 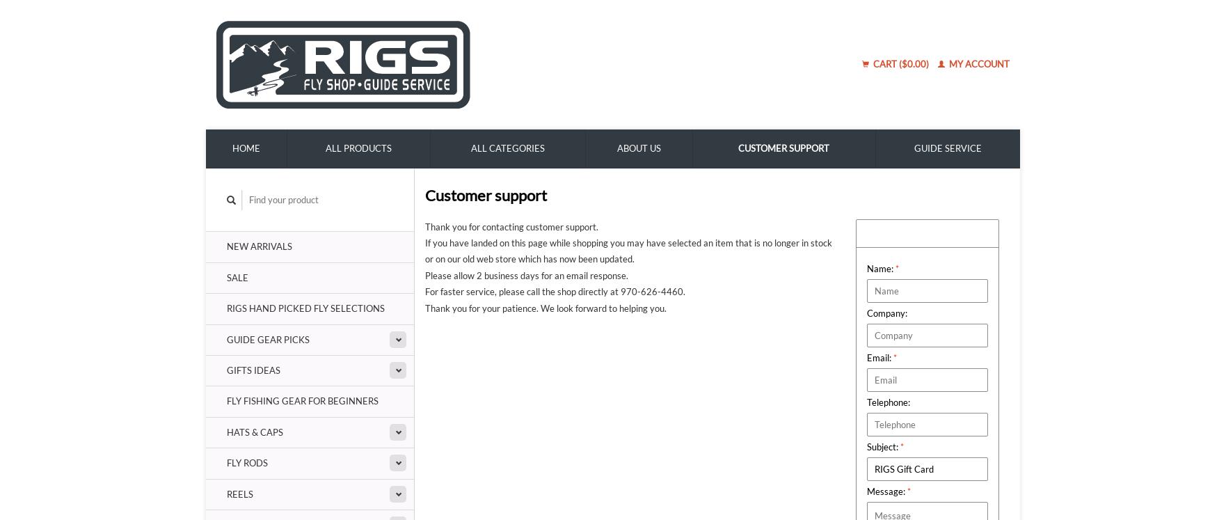 I want to click on 'RIGS Hand Picked Fly Selections', so click(x=305, y=308).